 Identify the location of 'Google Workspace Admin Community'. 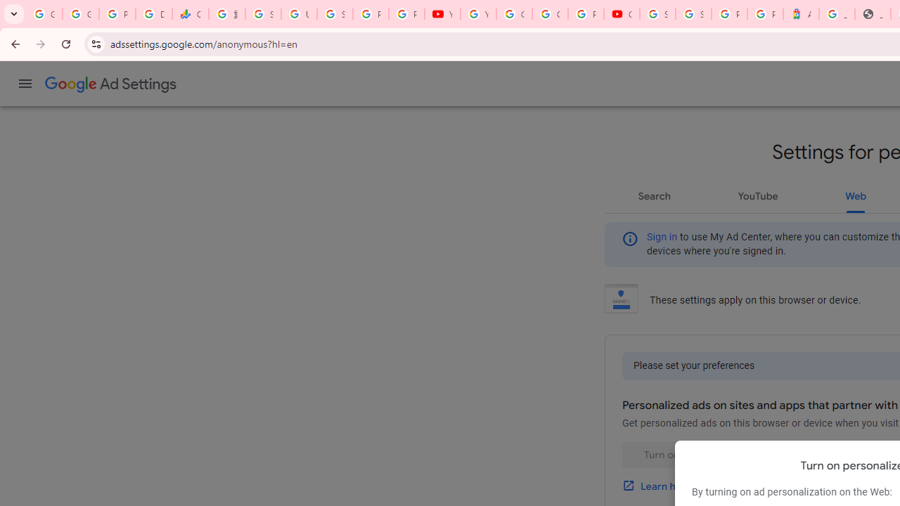
(44, 14).